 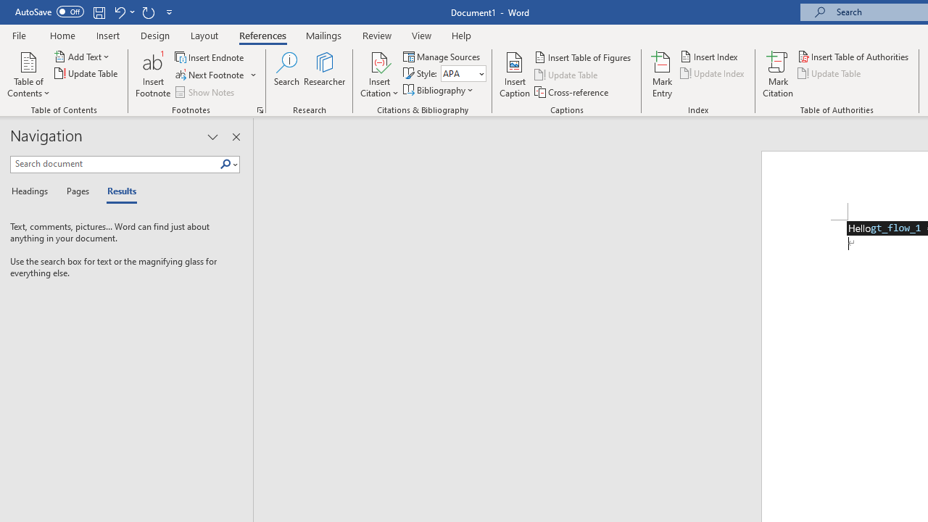 What do you see at coordinates (377, 35) in the screenshot?
I see `'Review'` at bounding box center [377, 35].